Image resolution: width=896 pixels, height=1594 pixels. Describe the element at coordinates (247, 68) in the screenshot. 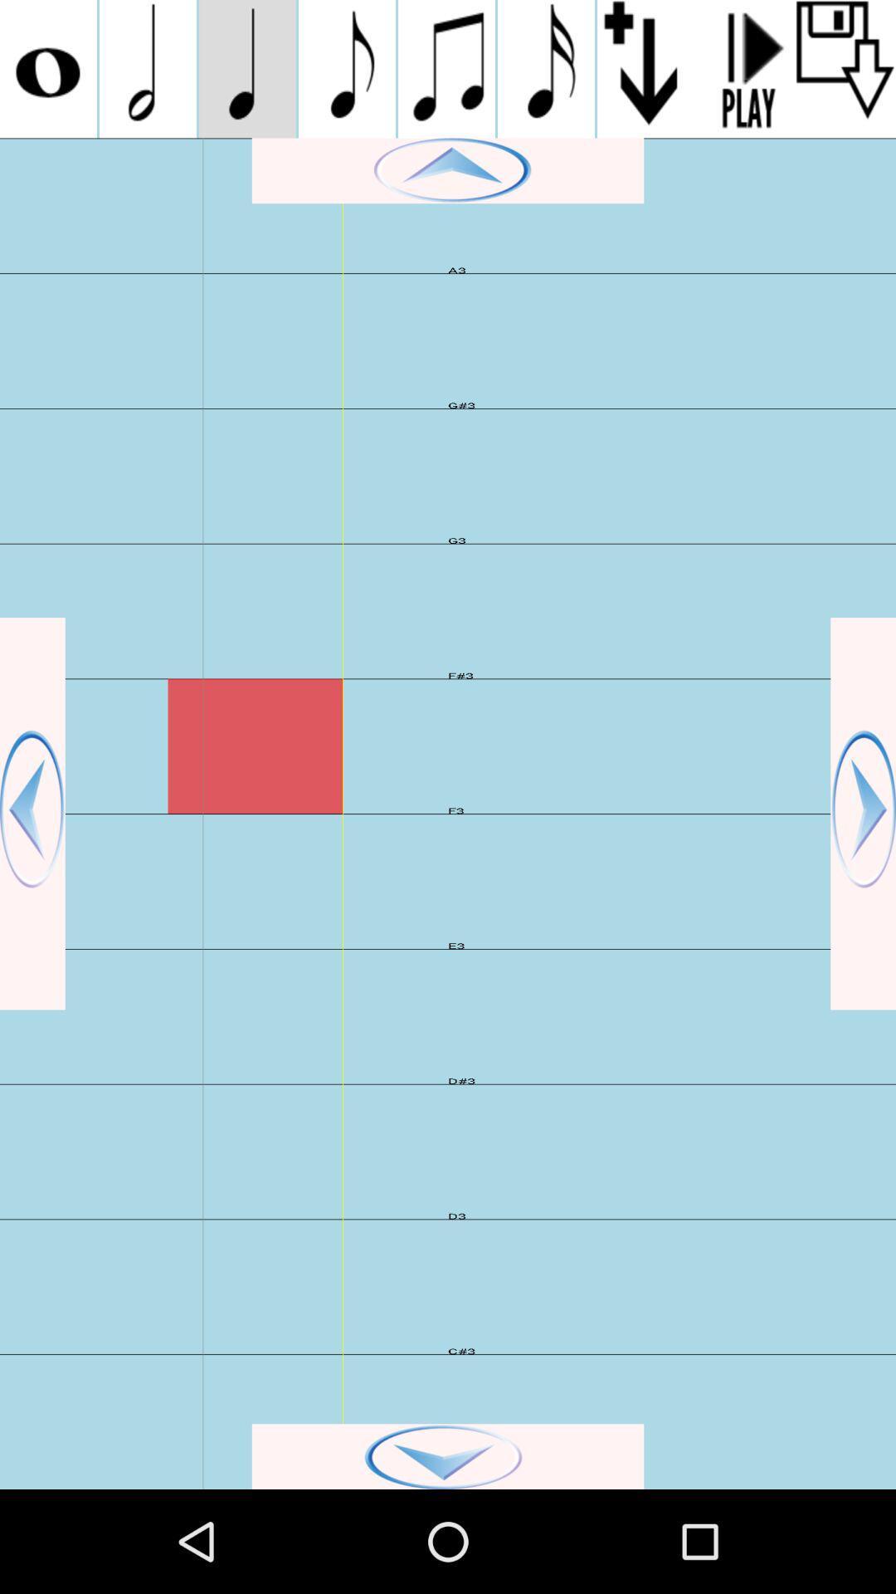

I see `quarter note` at that location.